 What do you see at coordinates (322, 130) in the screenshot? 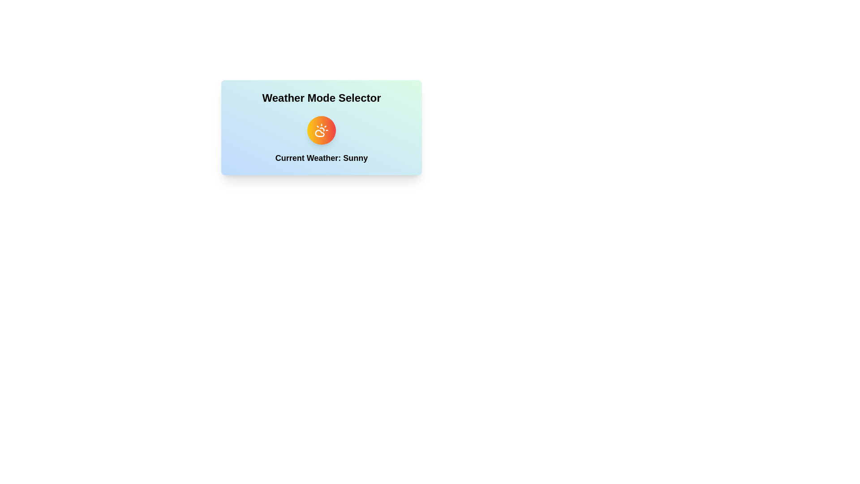
I see `the weather toggle button to change the weather mode` at bounding box center [322, 130].